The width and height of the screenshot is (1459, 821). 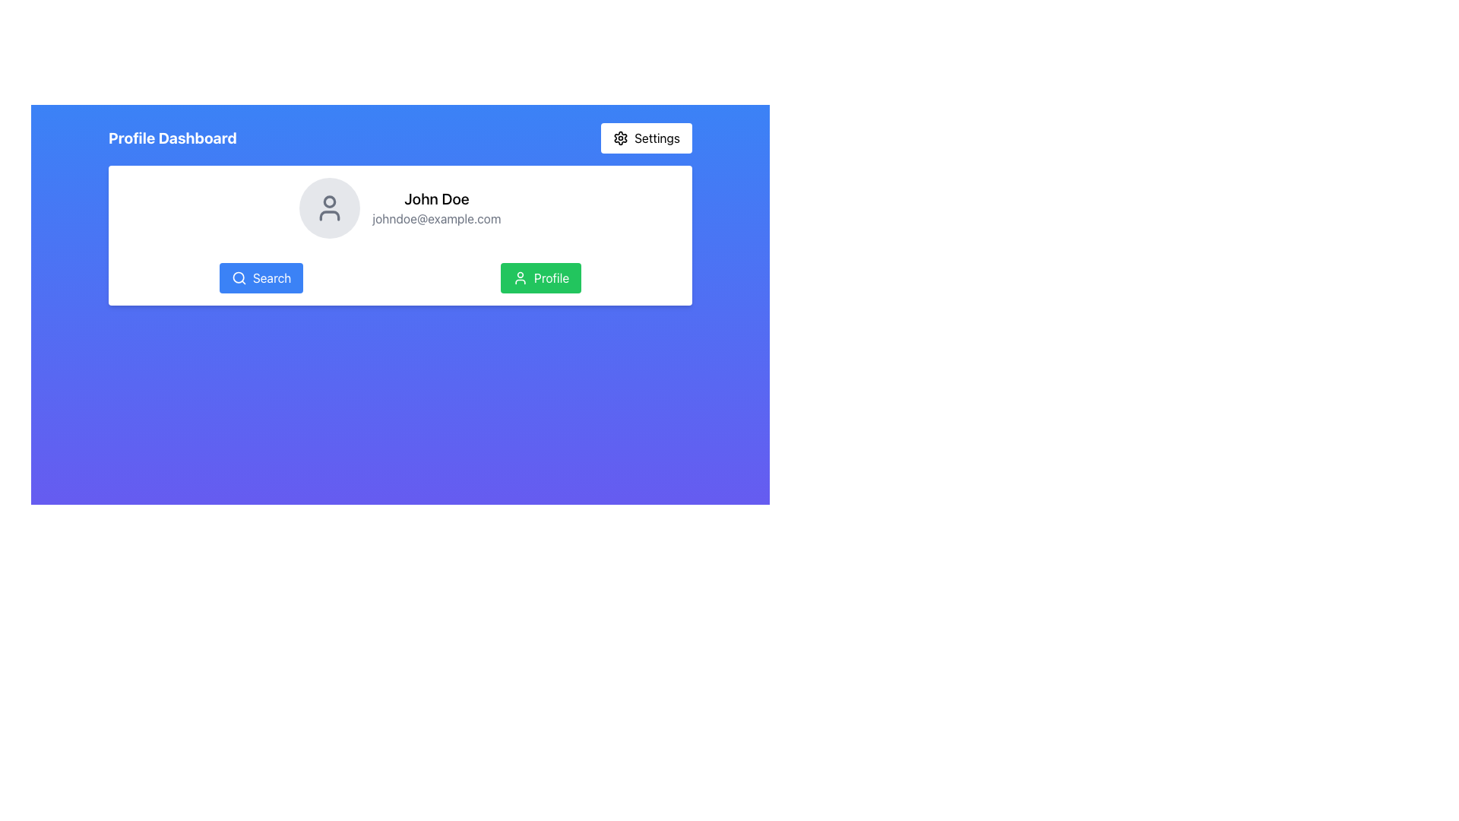 What do you see at coordinates (520, 278) in the screenshot?
I see `the user silhouette icon within the 'Profile' button, which has a green background and is` at bounding box center [520, 278].